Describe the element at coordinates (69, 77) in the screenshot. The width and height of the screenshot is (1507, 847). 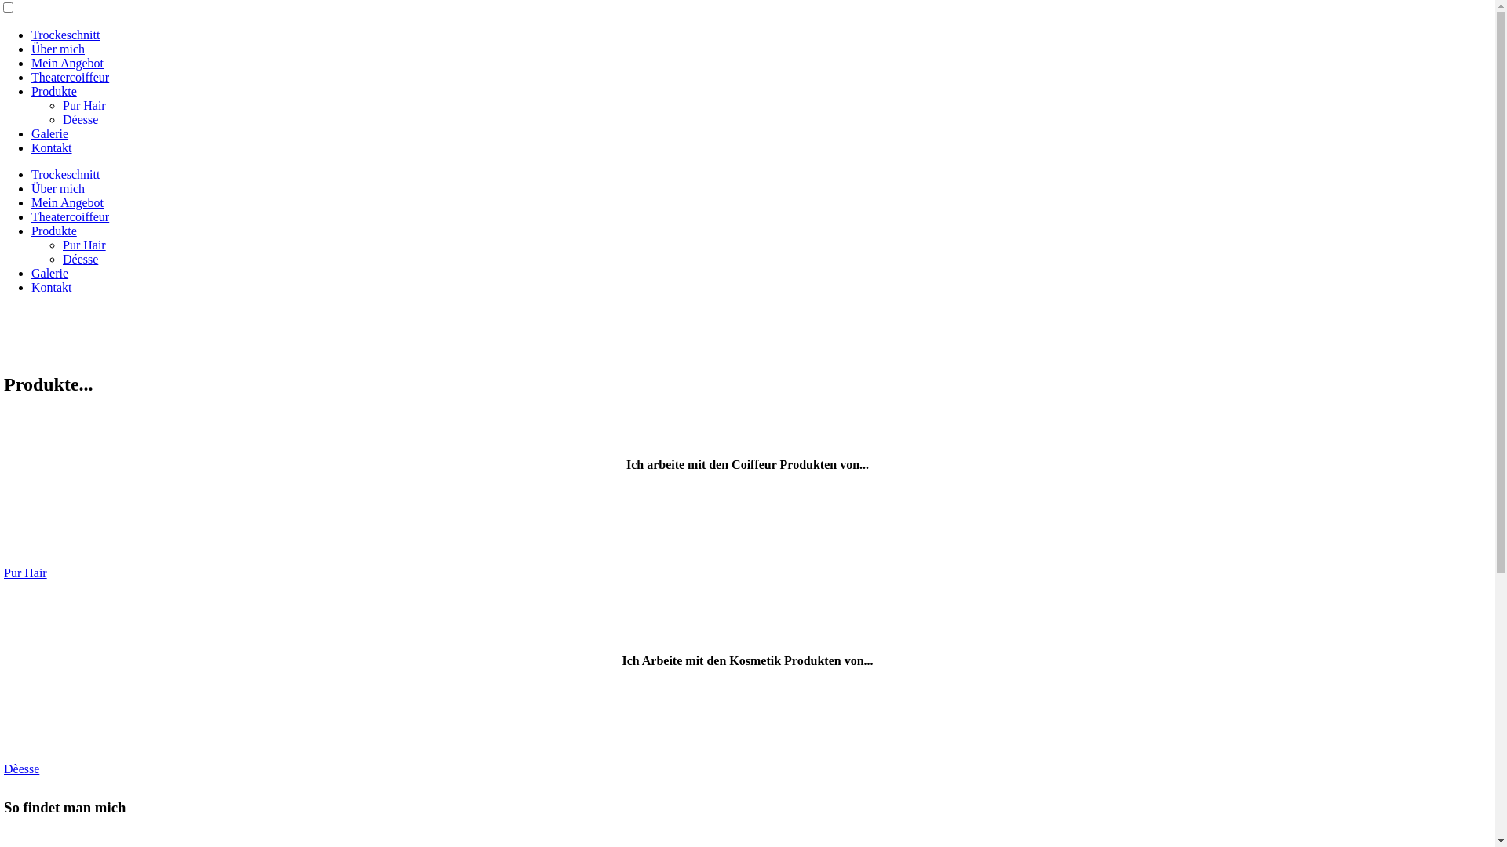
I see `'Theatercoiffeur'` at that location.